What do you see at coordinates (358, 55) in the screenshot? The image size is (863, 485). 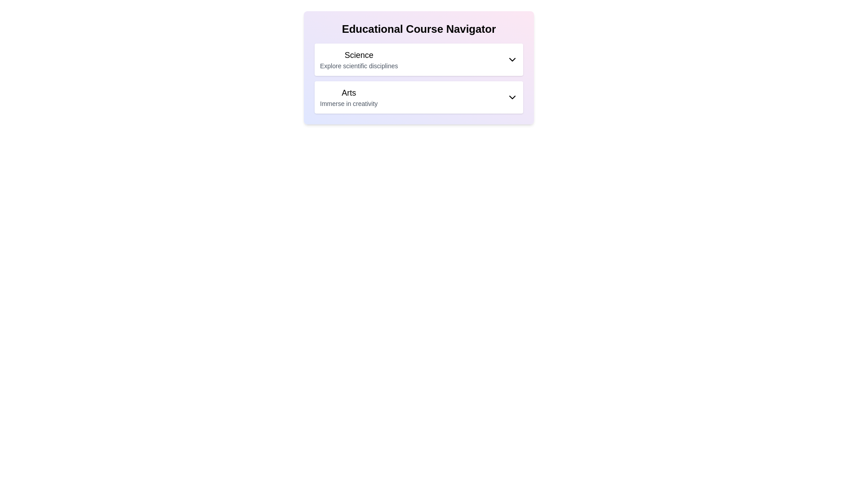 I see `text content of the 'Science' heading, which serves as a label for the section in the Educational Course Navigator` at bounding box center [358, 55].